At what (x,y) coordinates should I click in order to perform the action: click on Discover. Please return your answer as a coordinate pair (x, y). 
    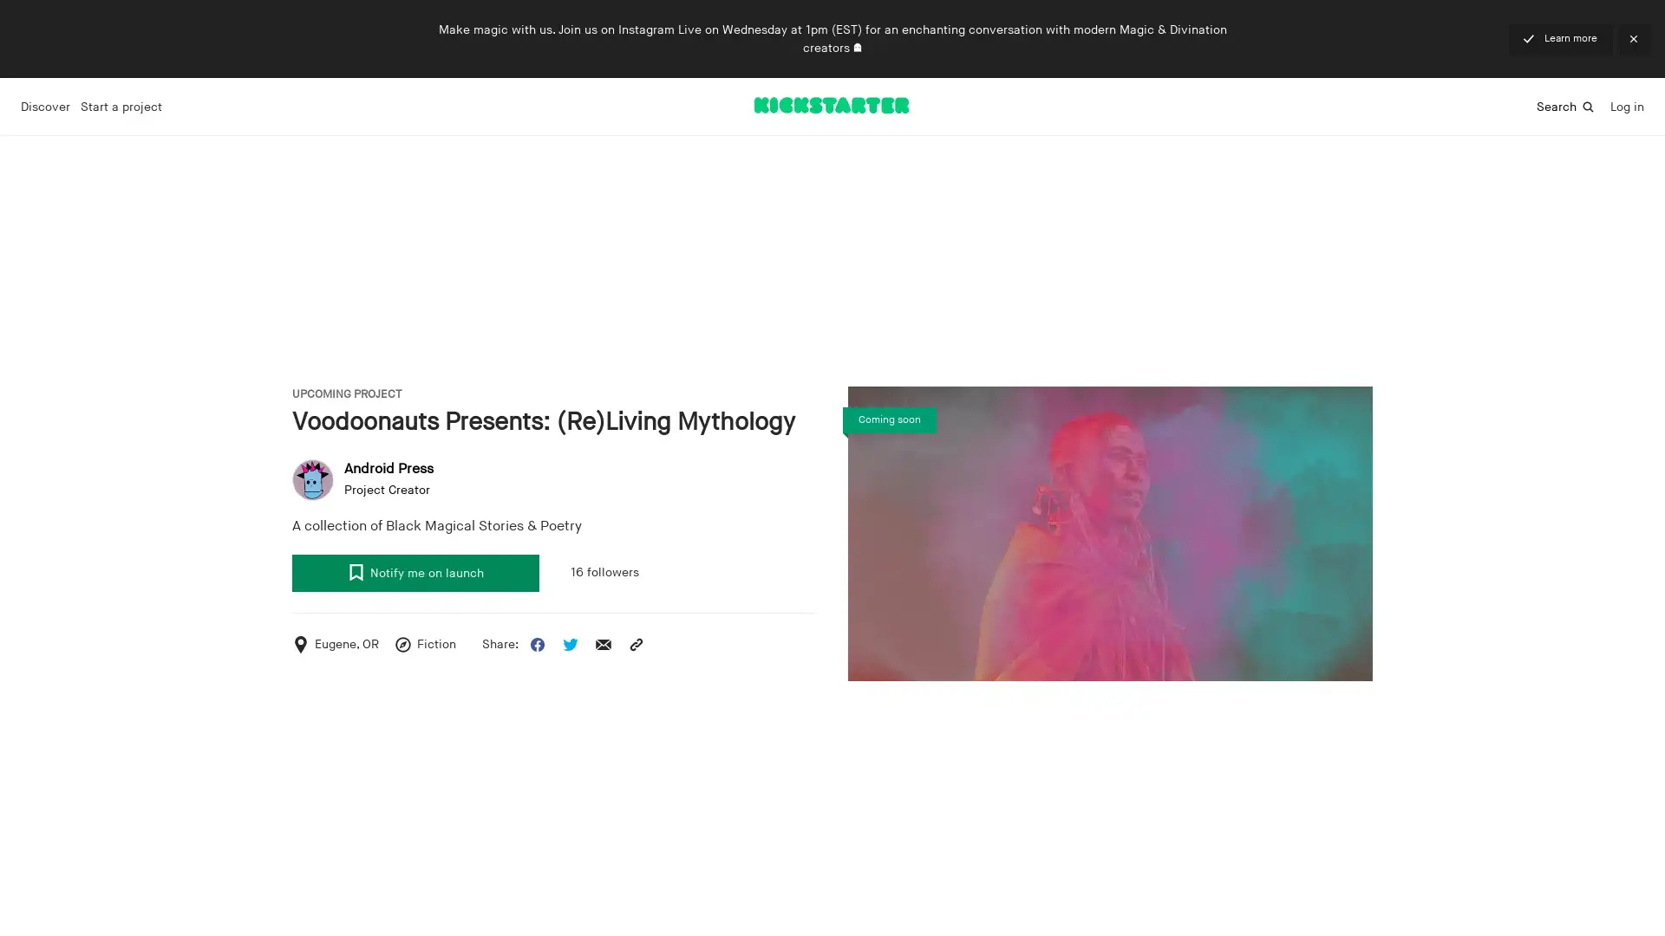
    Looking at the image, I should click on (45, 107).